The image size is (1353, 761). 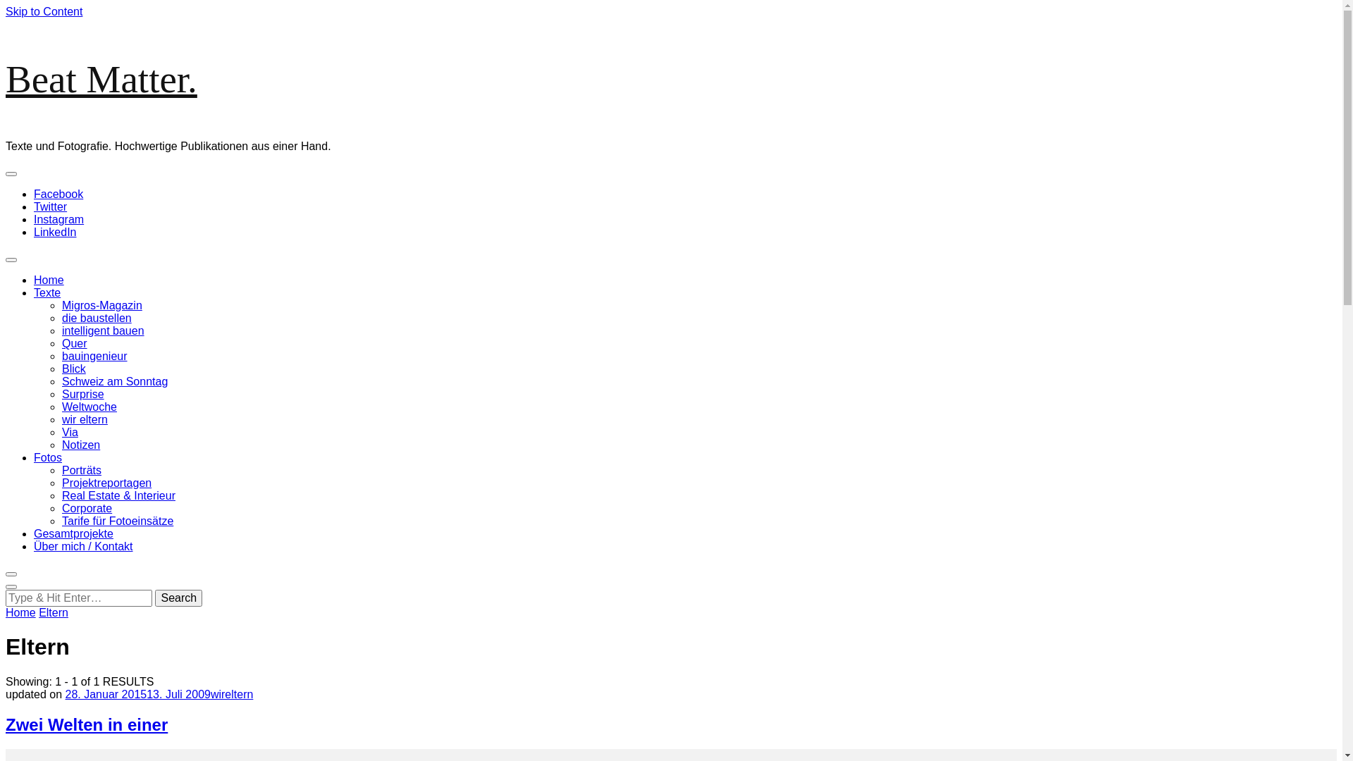 I want to click on 'Fotos', so click(x=47, y=457).